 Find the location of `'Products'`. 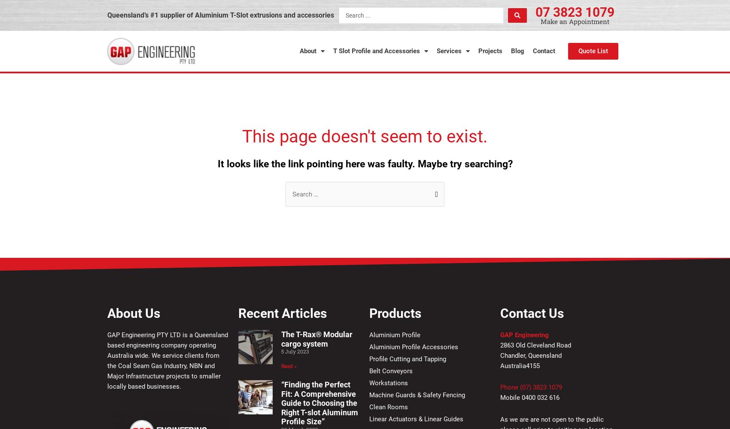

'Products' is located at coordinates (395, 312).